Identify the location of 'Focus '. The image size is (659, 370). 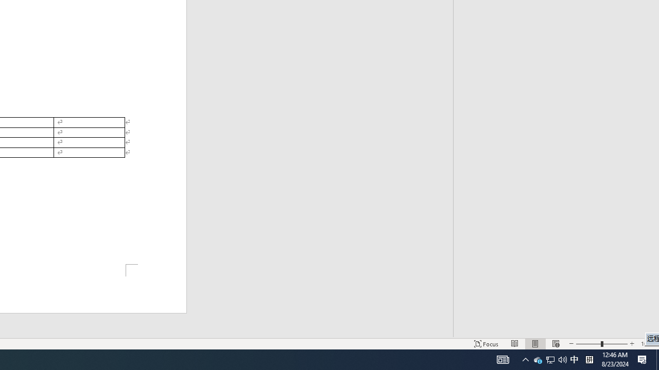
(485, 344).